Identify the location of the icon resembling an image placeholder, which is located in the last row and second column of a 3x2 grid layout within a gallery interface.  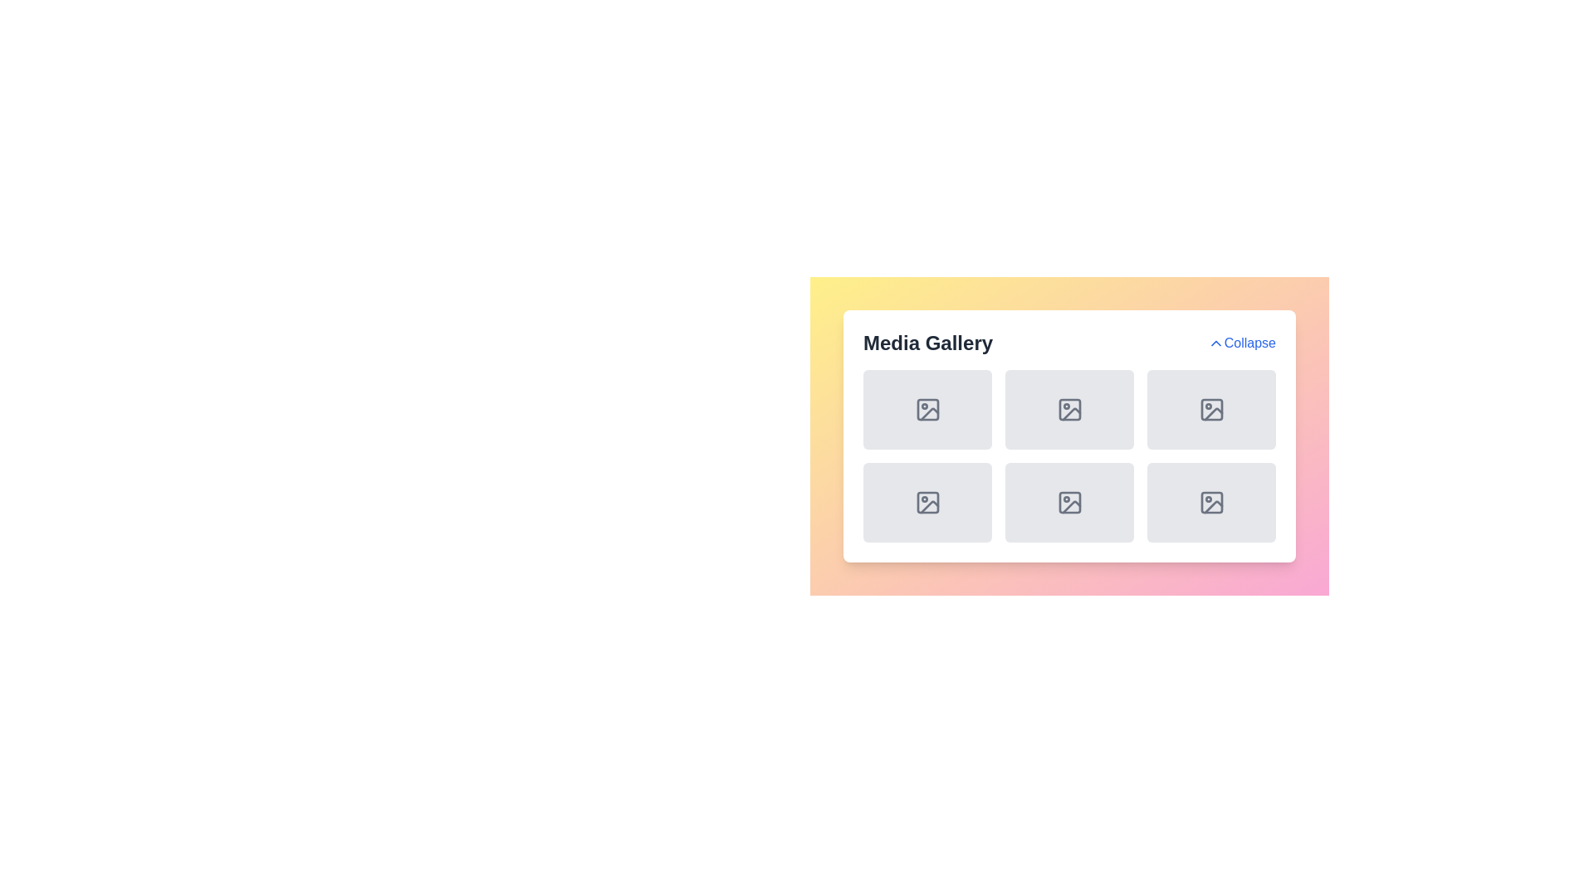
(1069, 501).